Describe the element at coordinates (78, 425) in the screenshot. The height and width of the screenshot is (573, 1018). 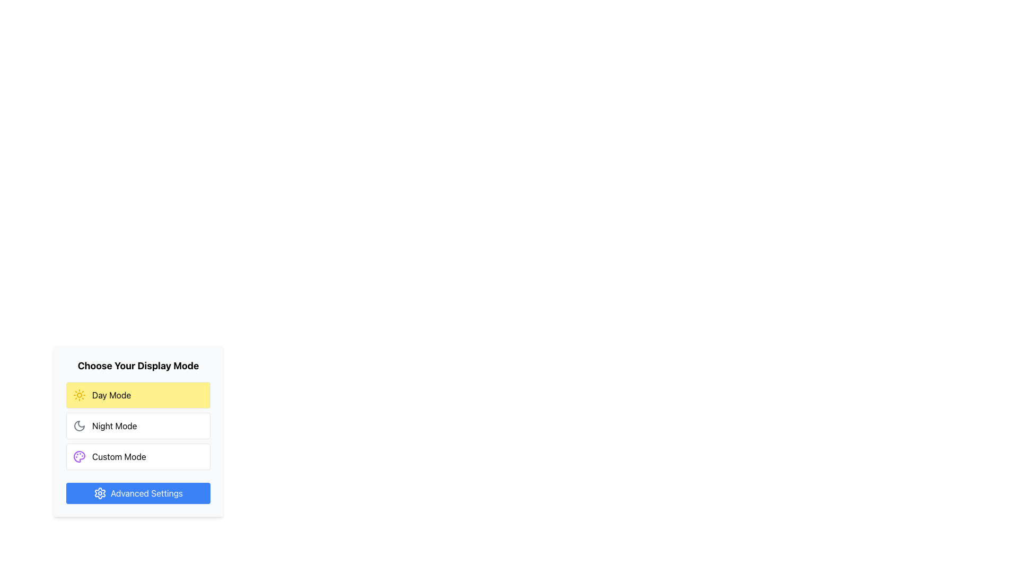
I see `the decorative 'Night Mode' icon, which is a moon symbol, located in the 'Choose Your Display Mode' dialog, preceding the text label 'Night Mode'` at that location.